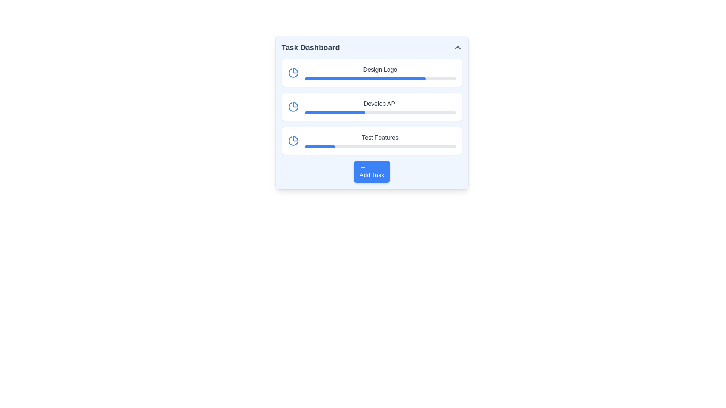 The width and height of the screenshot is (726, 408). What do you see at coordinates (372, 107) in the screenshot?
I see `task titles from the list of progress tasks, which includes 'Design Logo', 'Develop API', and 'Test Features', located within the 'Task Dashboard' section` at bounding box center [372, 107].